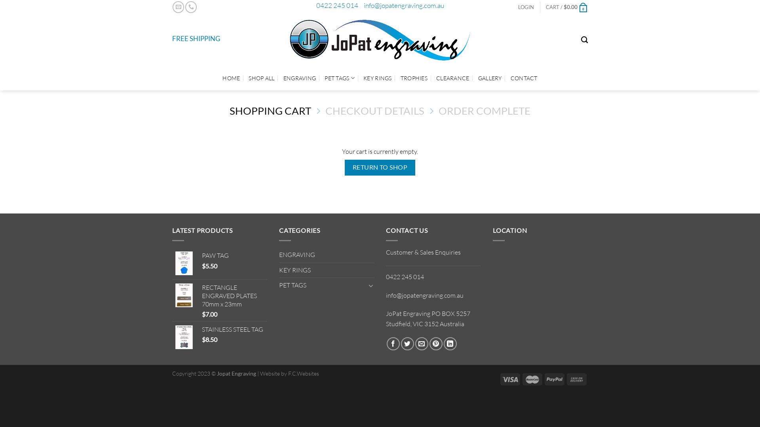 Image resolution: width=760 pixels, height=427 pixels. Describe the element at coordinates (490, 78) in the screenshot. I see `'GALLERY'` at that location.